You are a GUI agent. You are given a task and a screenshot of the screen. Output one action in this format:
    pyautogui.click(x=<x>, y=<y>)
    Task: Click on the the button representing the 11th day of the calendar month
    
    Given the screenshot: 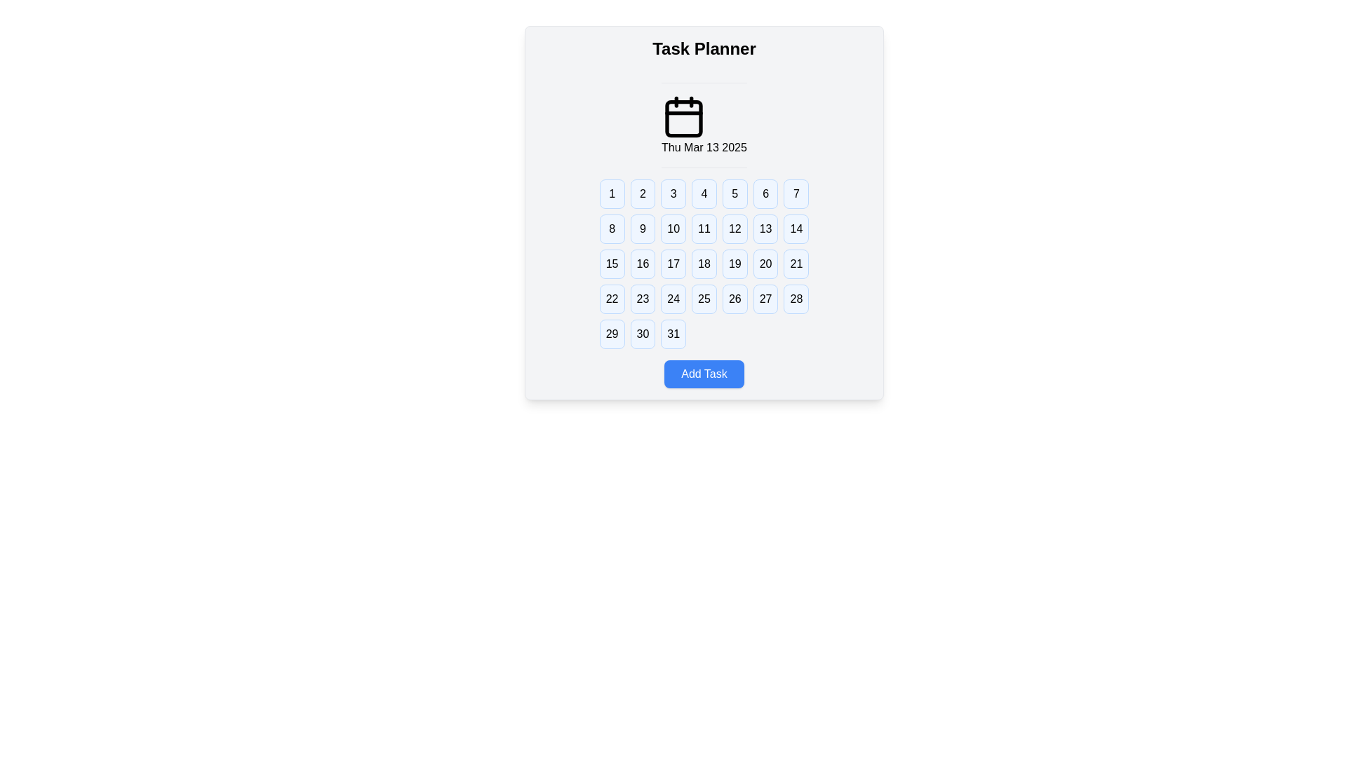 What is the action you would take?
    pyautogui.click(x=704, y=229)
    